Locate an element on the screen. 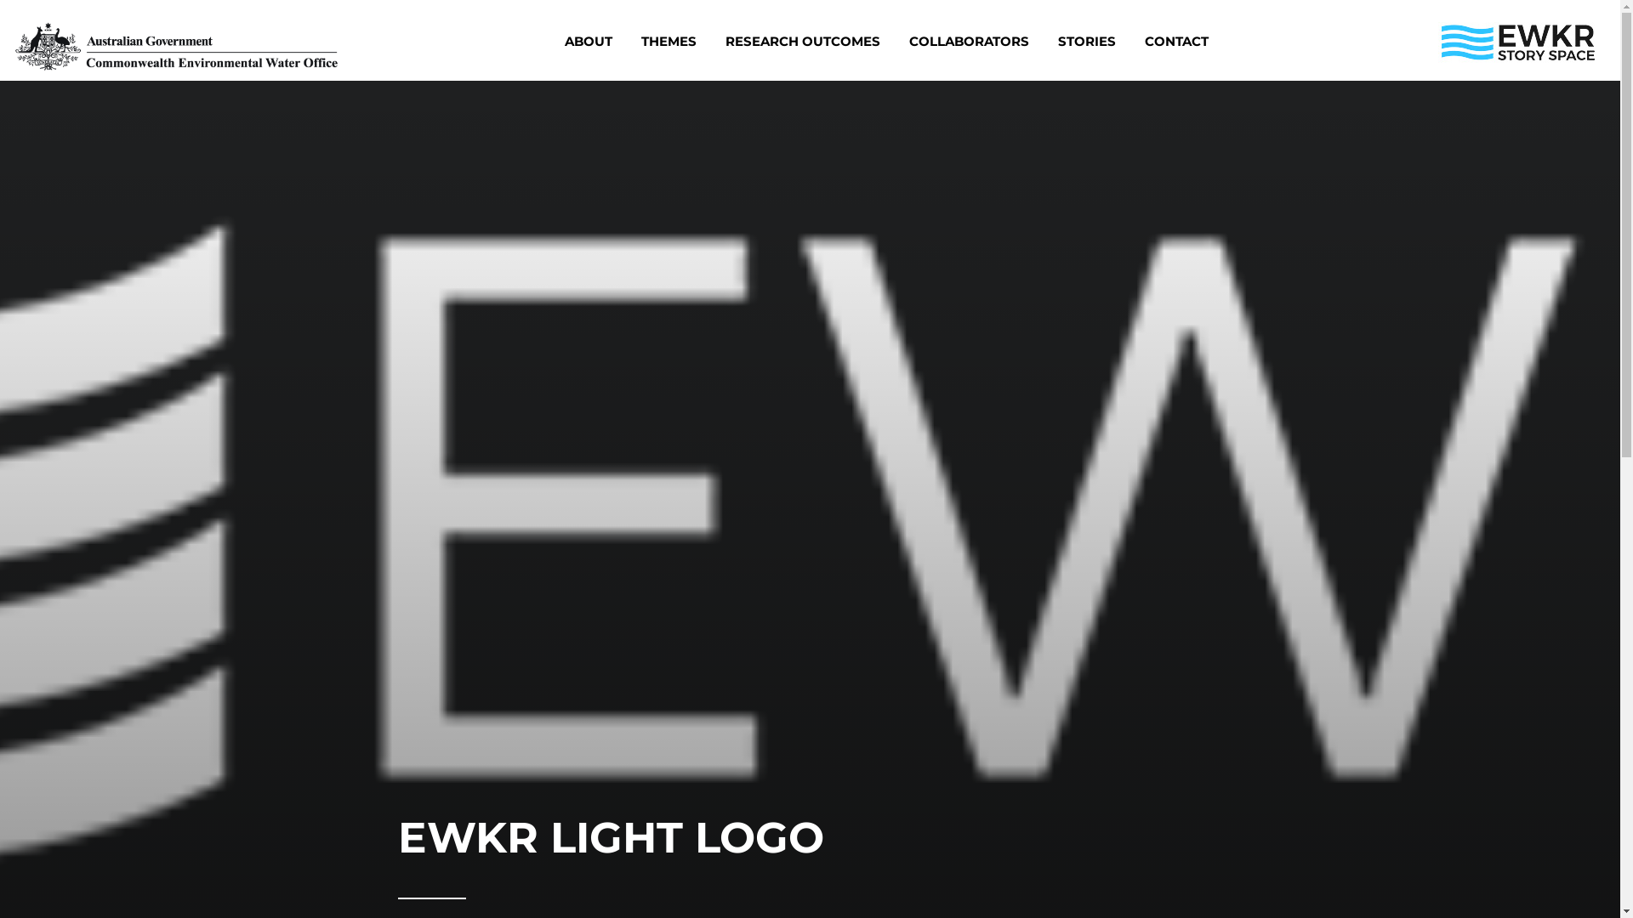 The width and height of the screenshot is (1633, 918). 'COLLABORATORS' is located at coordinates (969, 40).